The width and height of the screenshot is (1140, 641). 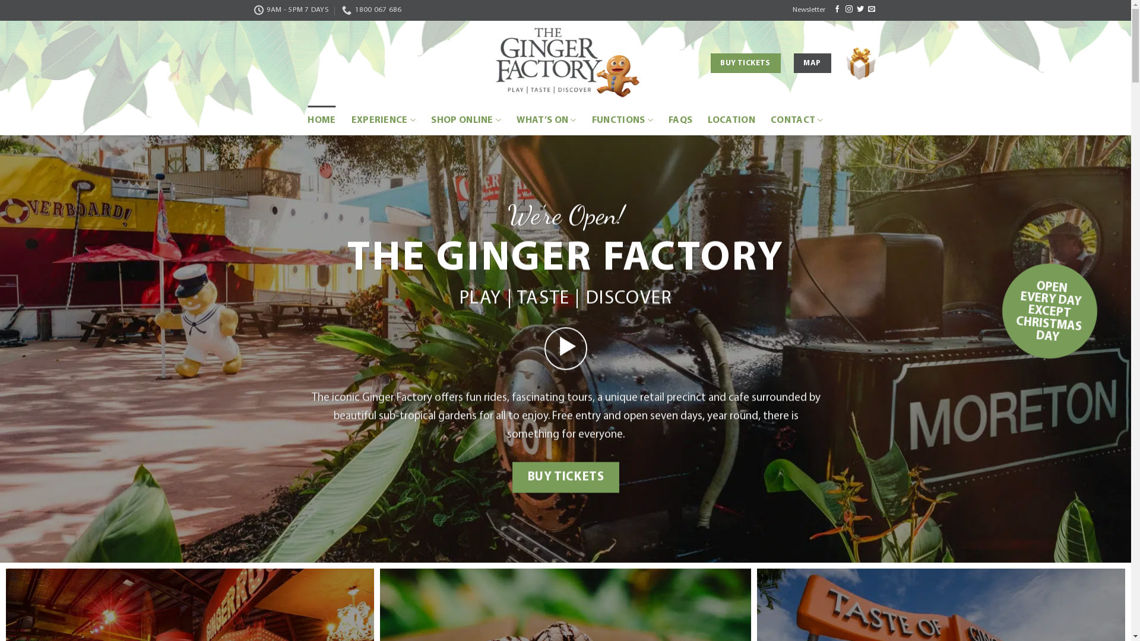 What do you see at coordinates (565, 64) in the screenshot?
I see `'The Ginger Factory'` at bounding box center [565, 64].